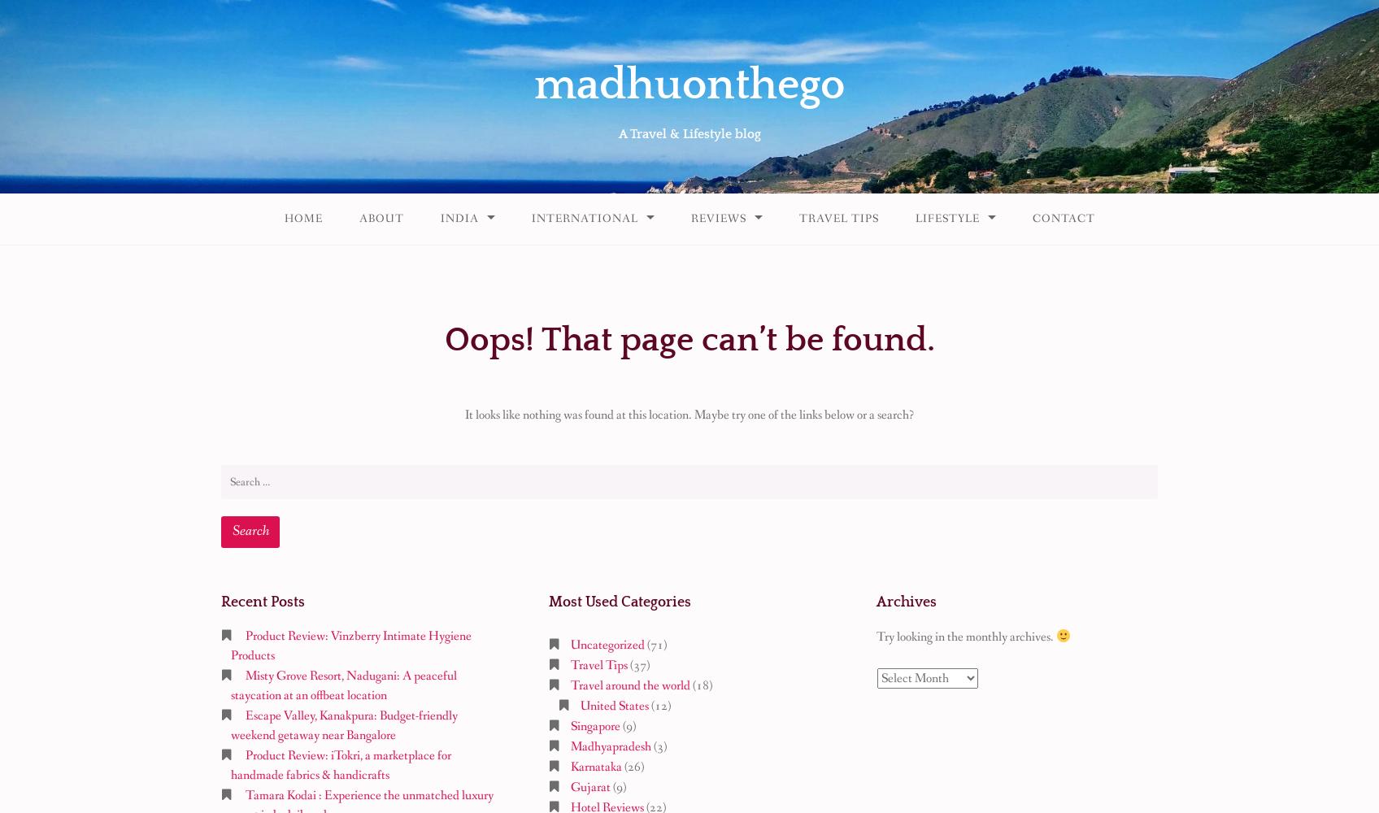  What do you see at coordinates (946, 219) in the screenshot?
I see `'Lifestyle'` at bounding box center [946, 219].